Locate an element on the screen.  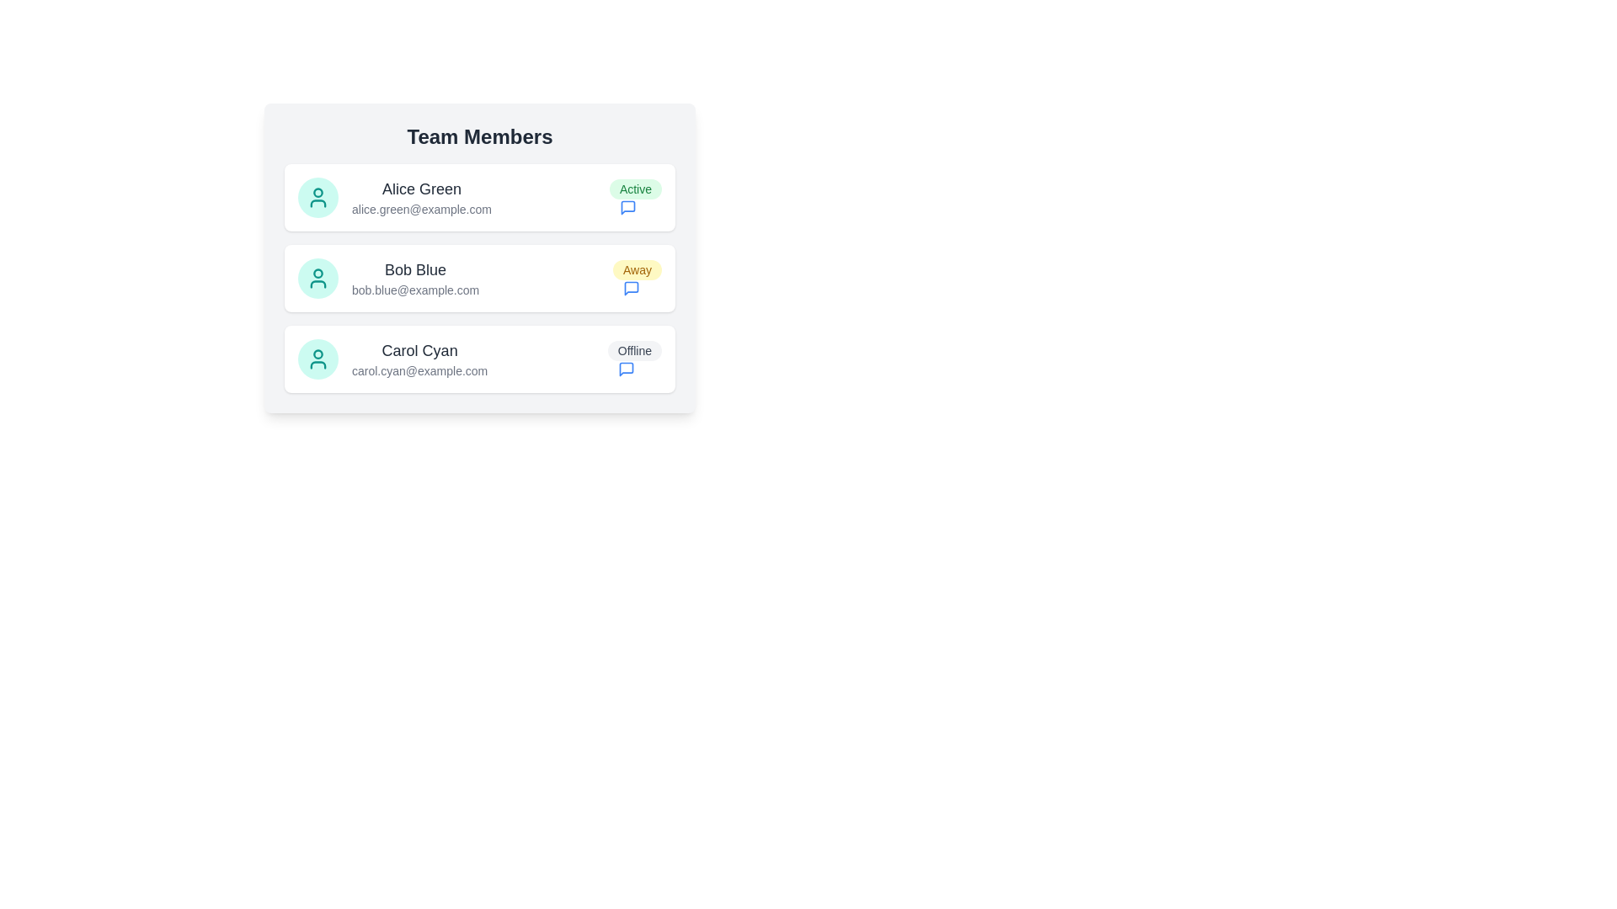
the static text displaying the email address of team member 'Bob Blue', located directly below his name in the 'Team Members' list is located at coordinates (415, 289).